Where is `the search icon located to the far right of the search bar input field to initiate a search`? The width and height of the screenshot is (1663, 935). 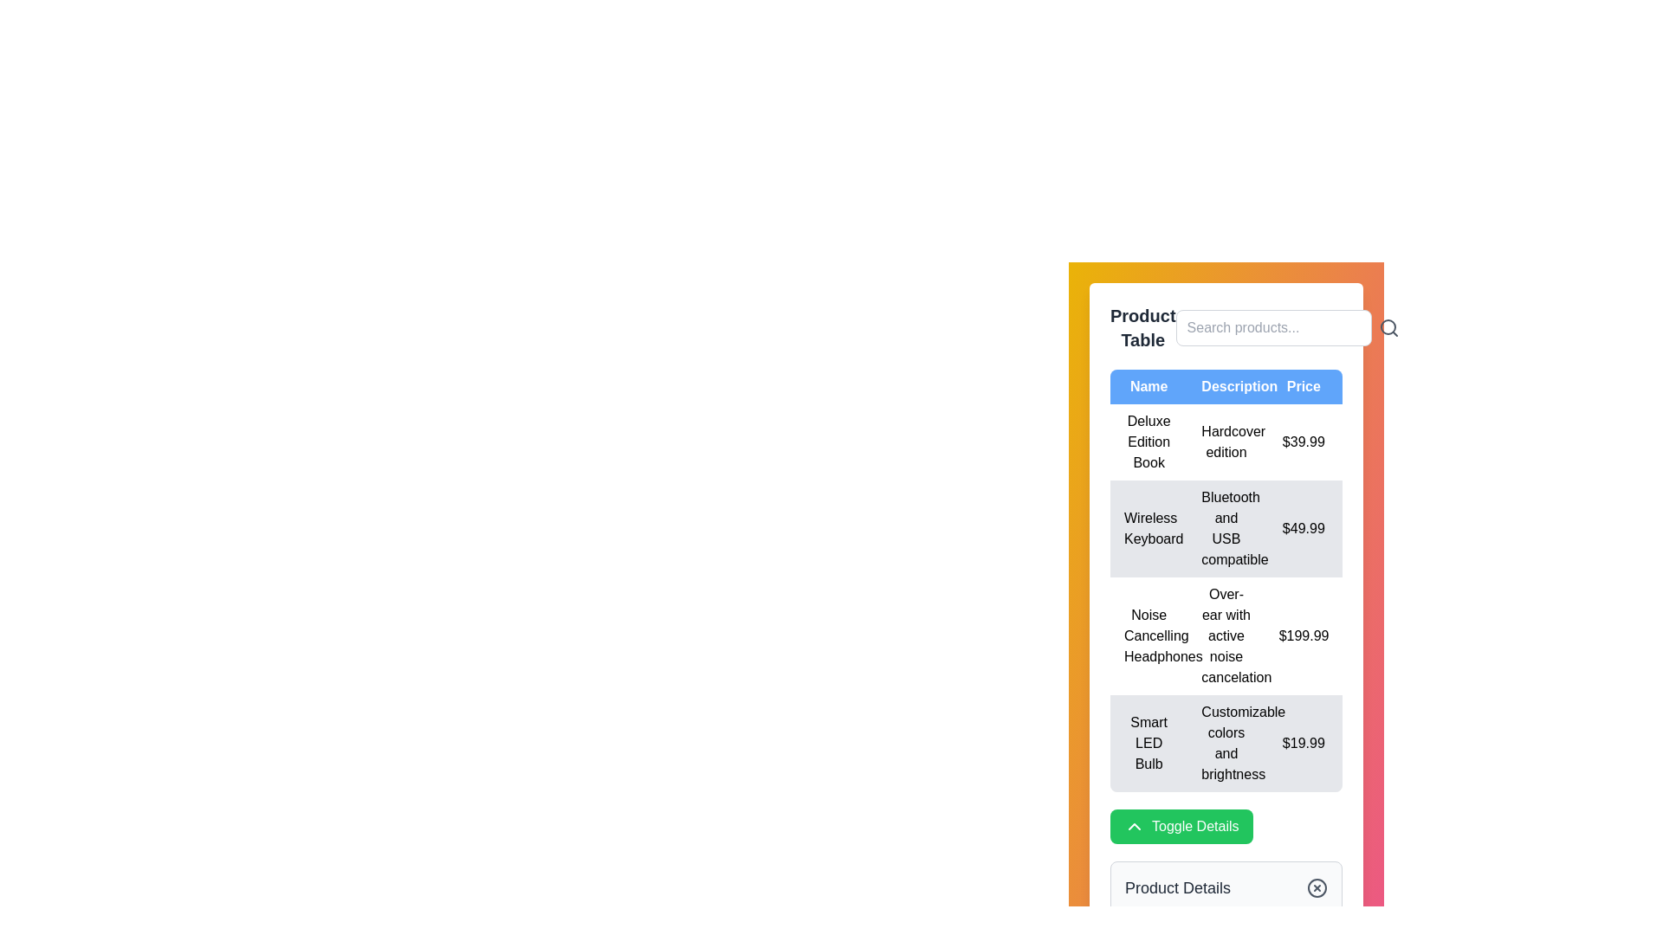
the search icon located to the far right of the search bar input field to initiate a search is located at coordinates (1388, 327).